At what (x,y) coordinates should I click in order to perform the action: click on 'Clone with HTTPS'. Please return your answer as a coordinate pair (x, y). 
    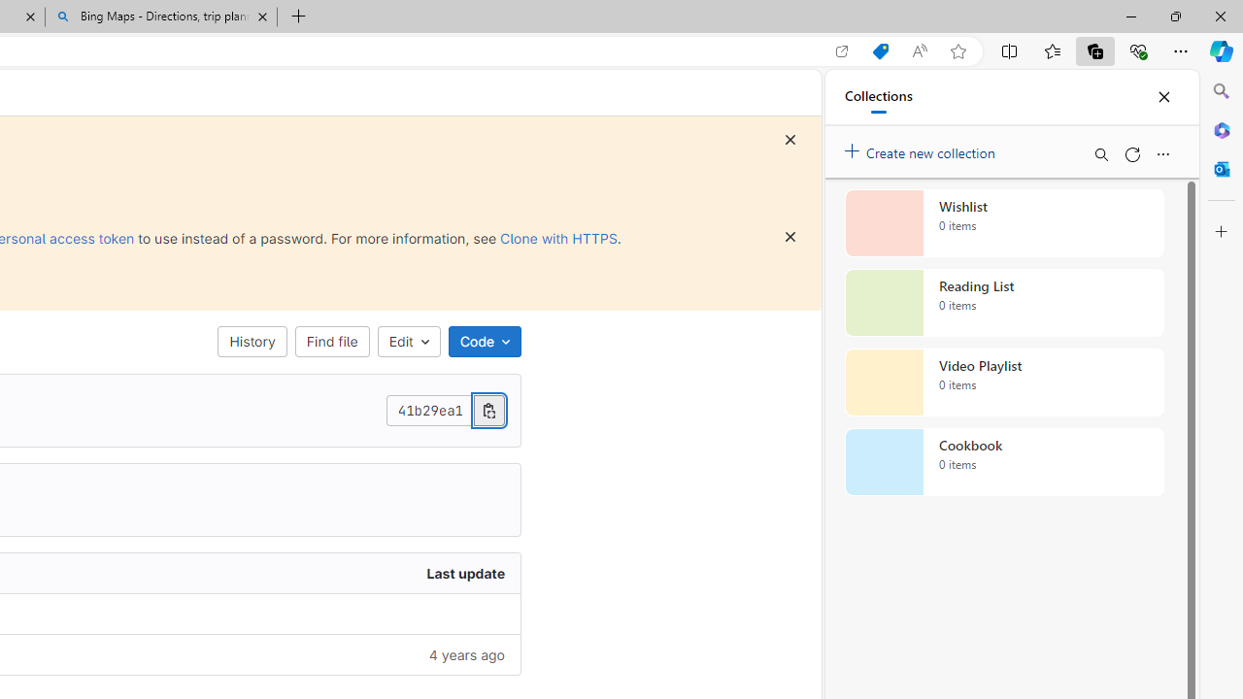
    Looking at the image, I should click on (557, 237).